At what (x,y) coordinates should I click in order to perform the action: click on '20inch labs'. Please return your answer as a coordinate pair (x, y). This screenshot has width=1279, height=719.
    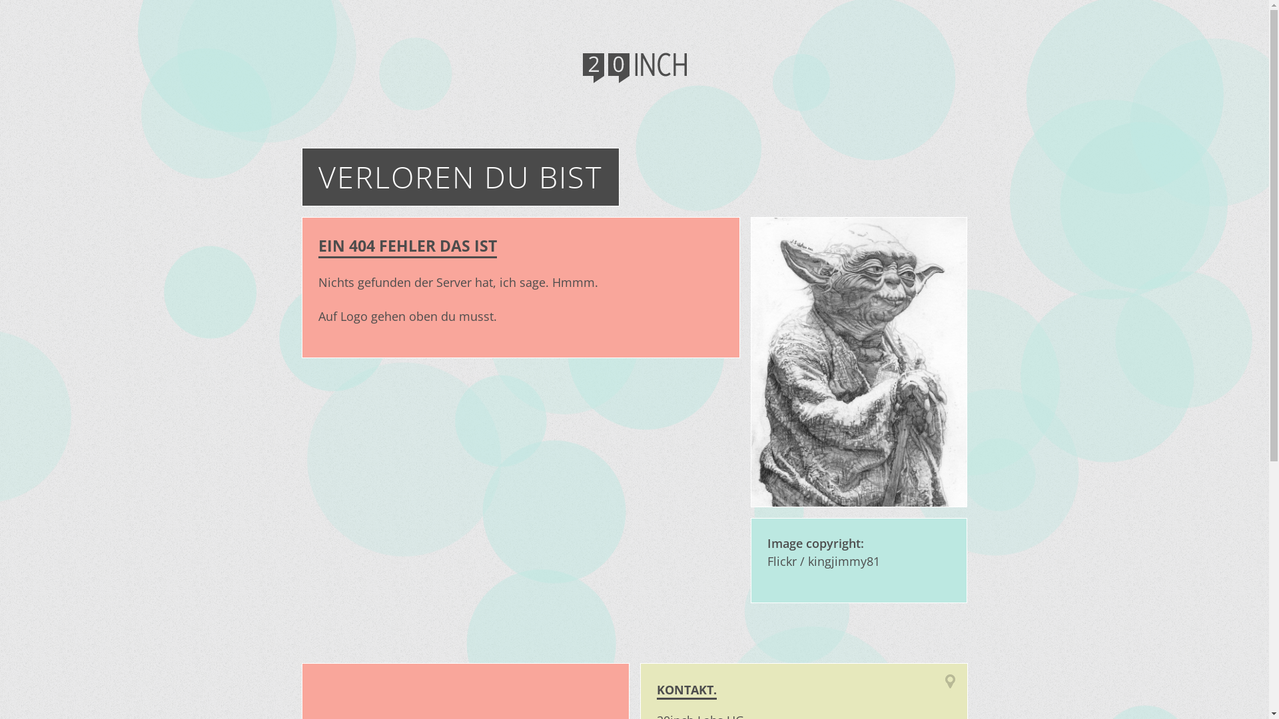
    Looking at the image, I should click on (633, 69).